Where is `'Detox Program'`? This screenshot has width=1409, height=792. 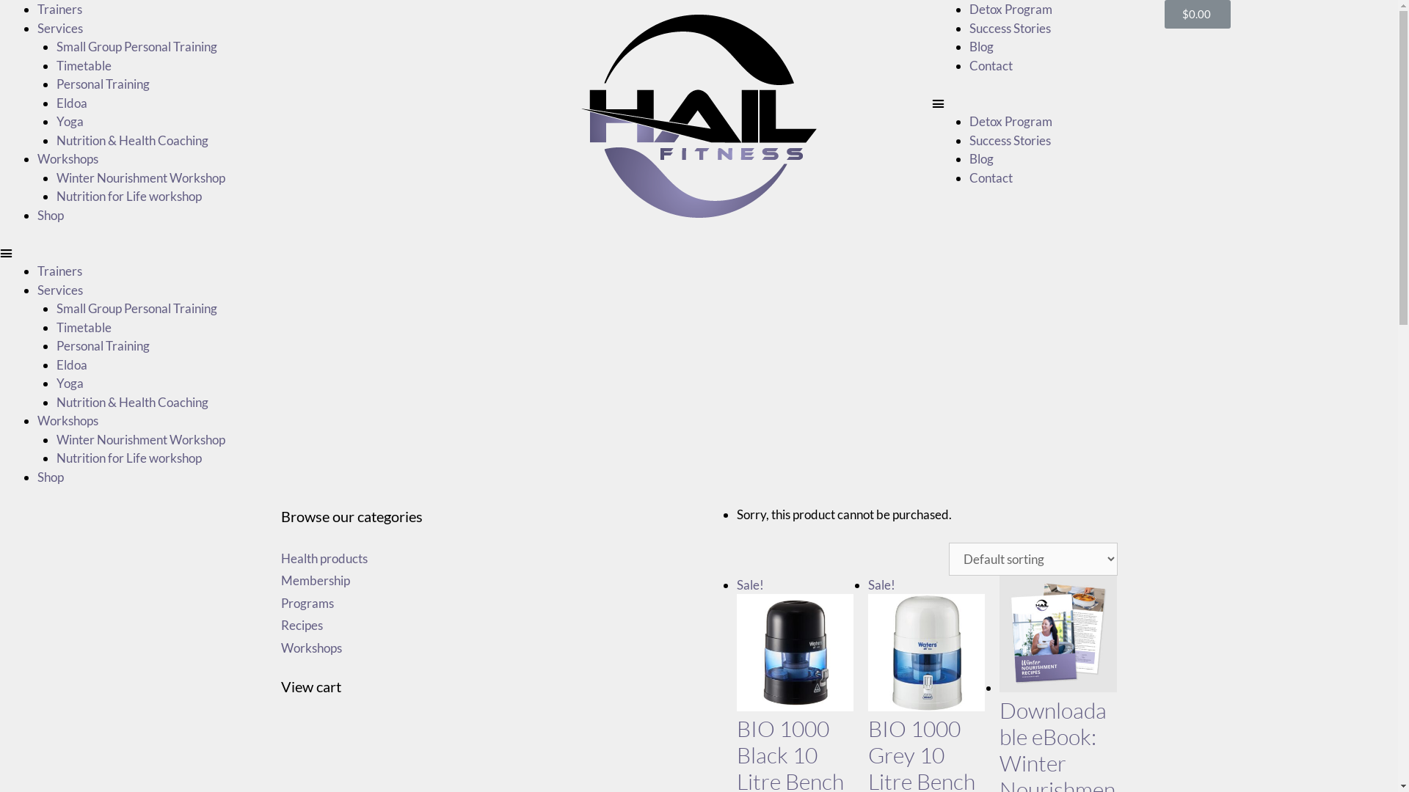 'Detox Program' is located at coordinates (1010, 120).